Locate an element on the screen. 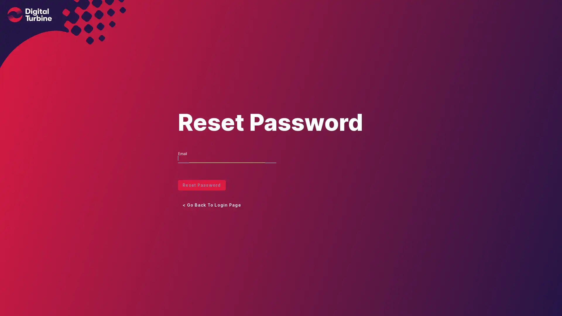 The image size is (562, 316). < Go Back To Login Page is located at coordinates (211, 204).